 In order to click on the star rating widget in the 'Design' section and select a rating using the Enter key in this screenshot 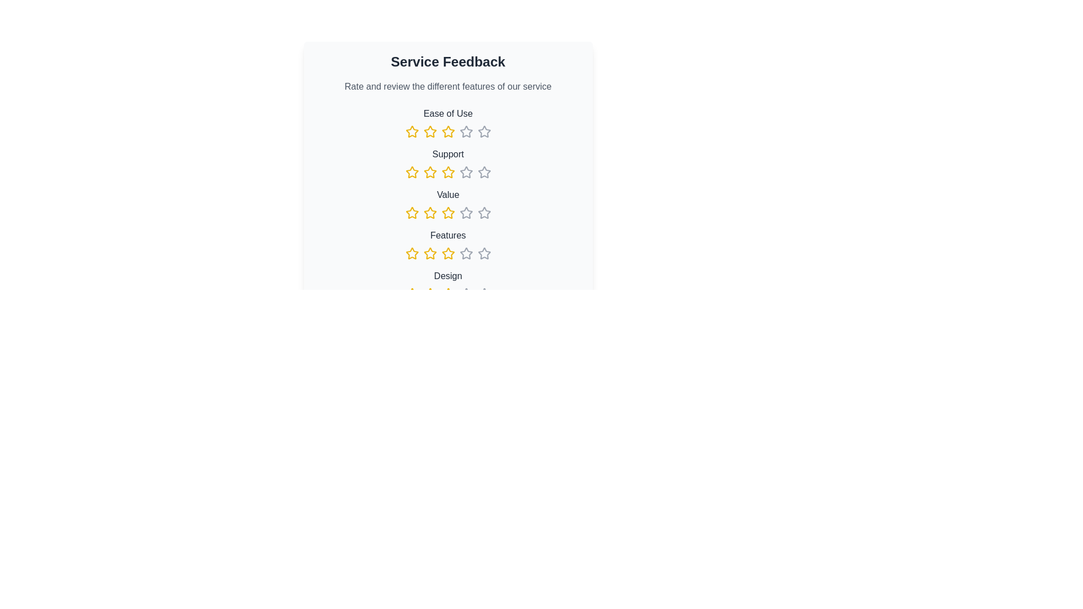, I will do `click(447, 293)`.